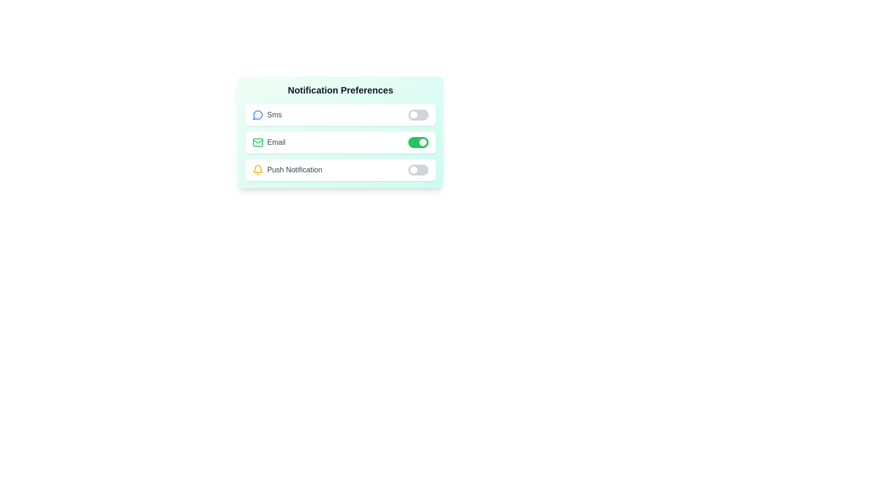 This screenshot has height=495, width=880. Describe the element at coordinates (413, 114) in the screenshot. I see `the toggle switch handle` at that location.